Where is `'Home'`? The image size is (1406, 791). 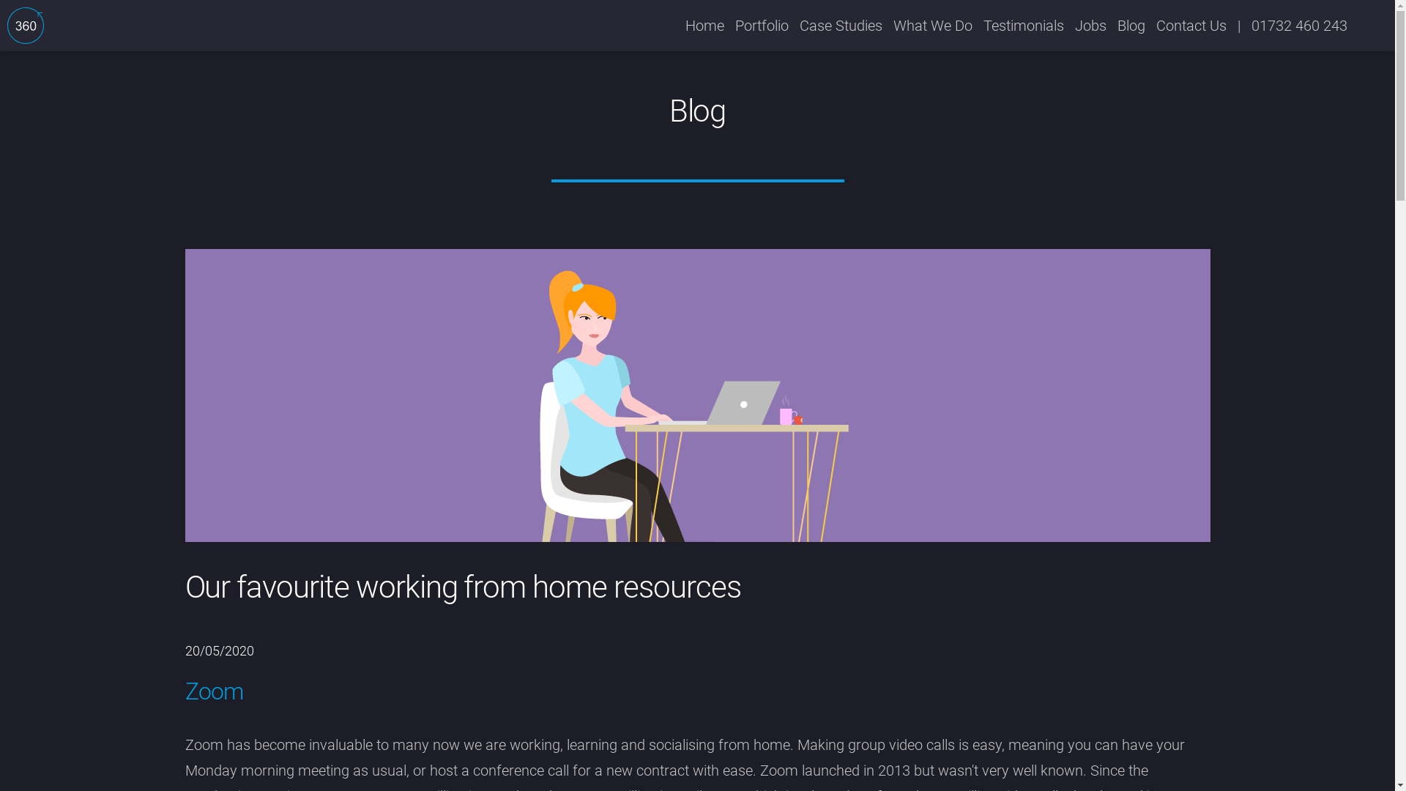
'Home' is located at coordinates (704, 26).